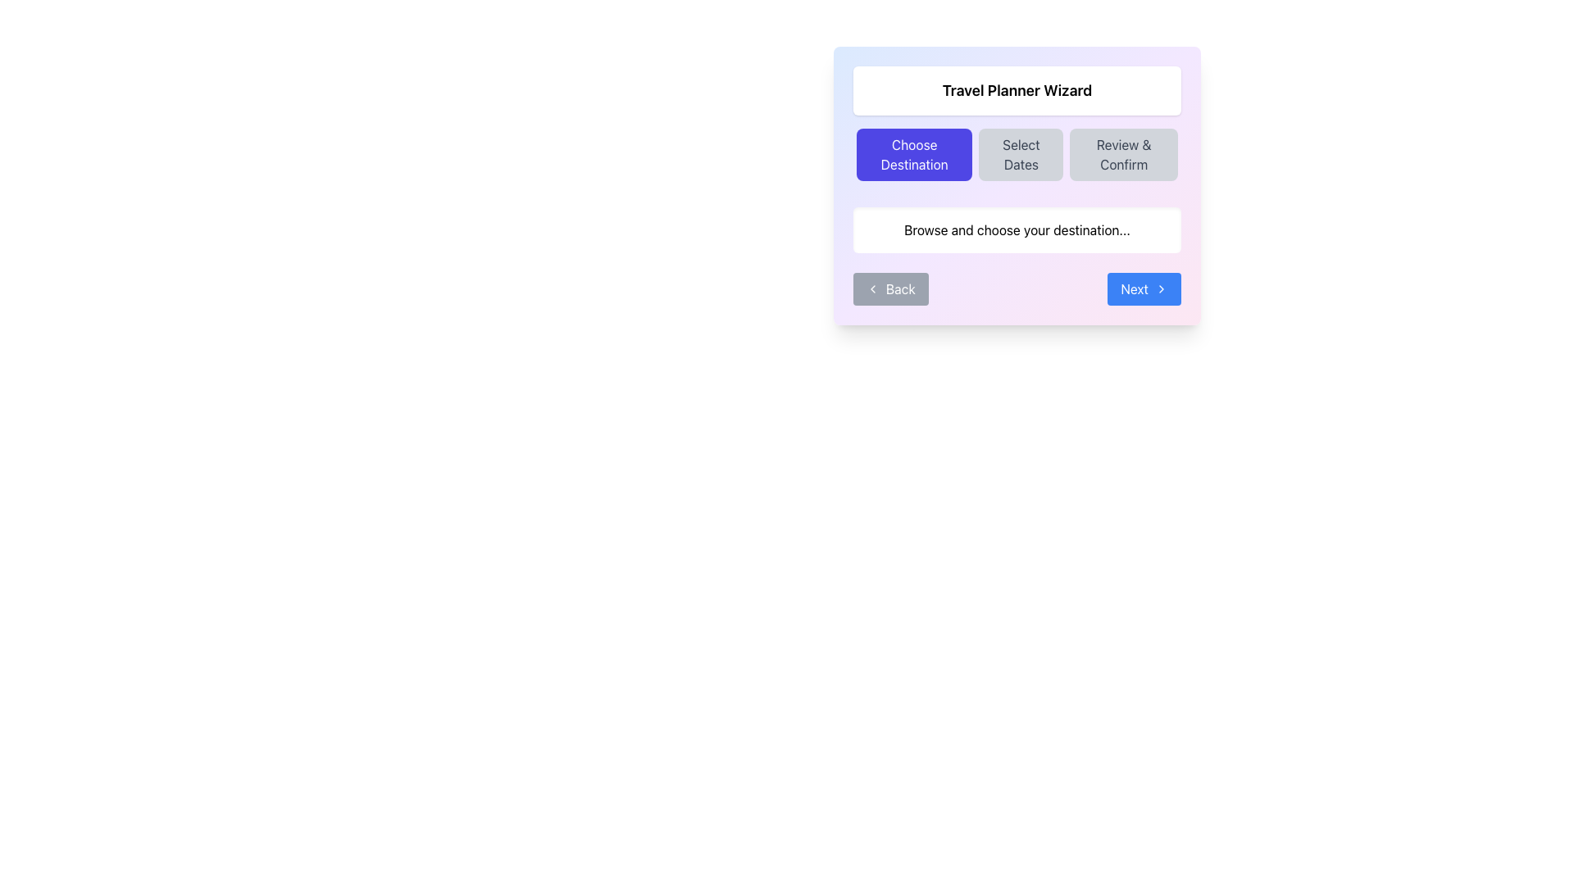 The image size is (1574, 885). I want to click on the left-pointing arrow icon inside the 'Back' button located in the bottom-left corner of the interface panel, so click(872, 288).